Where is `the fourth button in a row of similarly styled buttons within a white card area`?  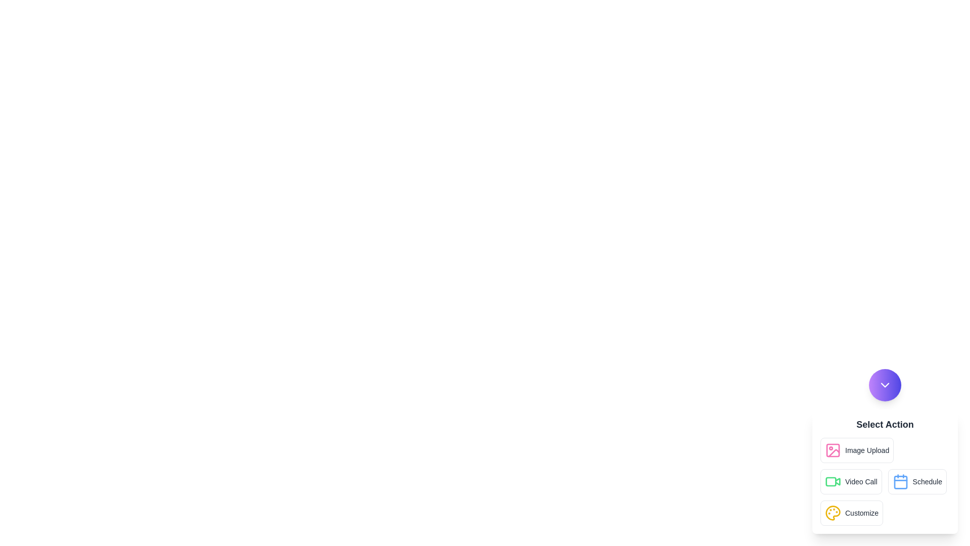
the fourth button in a row of similarly styled buttons within a white card area is located at coordinates (851, 513).